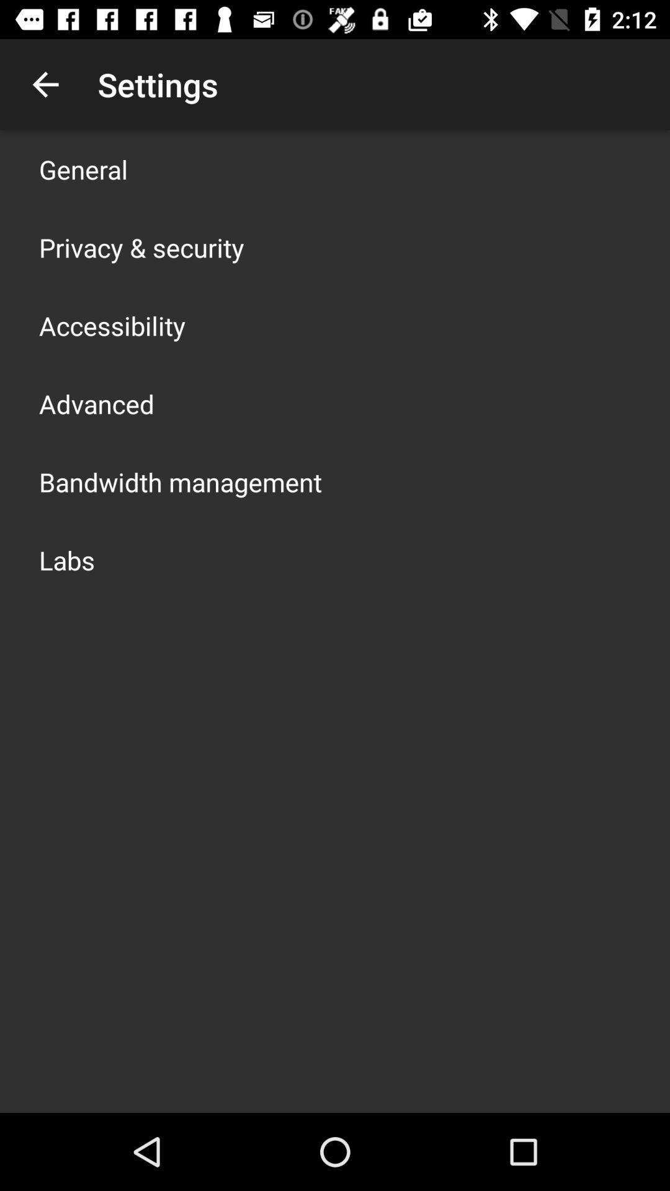  What do you see at coordinates (141, 247) in the screenshot?
I see `privacy & security icon` at bounding box center [141, 247].